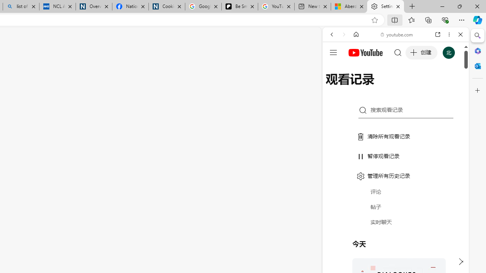  Describe the element at coordinates (57, 6) in the screenshot. I see `'NCL Adult Asthma Inhaler Choice Guideline'` at that location.